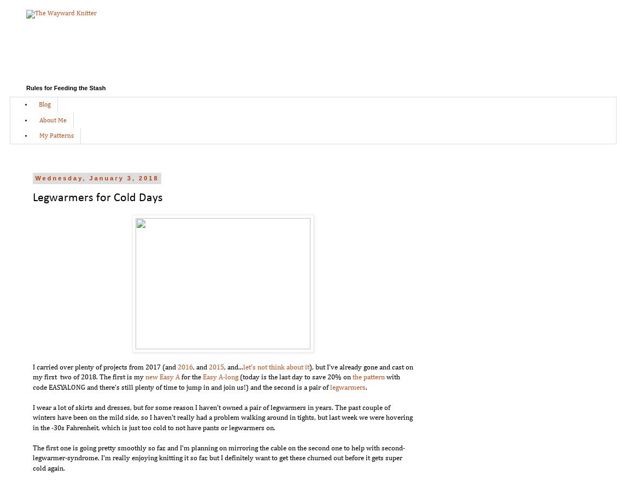 The height and width of the screenshot is (481, 622). I want to click on 'The first one is going pretty smoothly so far, and I'm planning on mirroring the cable on the second one to help with second-legwarmer-syndrome. I'm really enjoying knitting it so far, but I definitely want to get these churned out before it gets super cold again.', so click(218, 457).